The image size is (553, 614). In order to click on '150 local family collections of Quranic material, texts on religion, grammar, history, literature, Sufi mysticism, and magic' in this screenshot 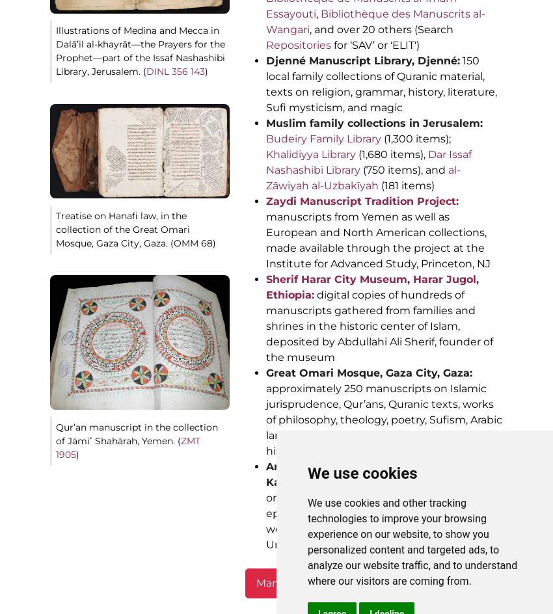, I will do `click(381, 84)`.